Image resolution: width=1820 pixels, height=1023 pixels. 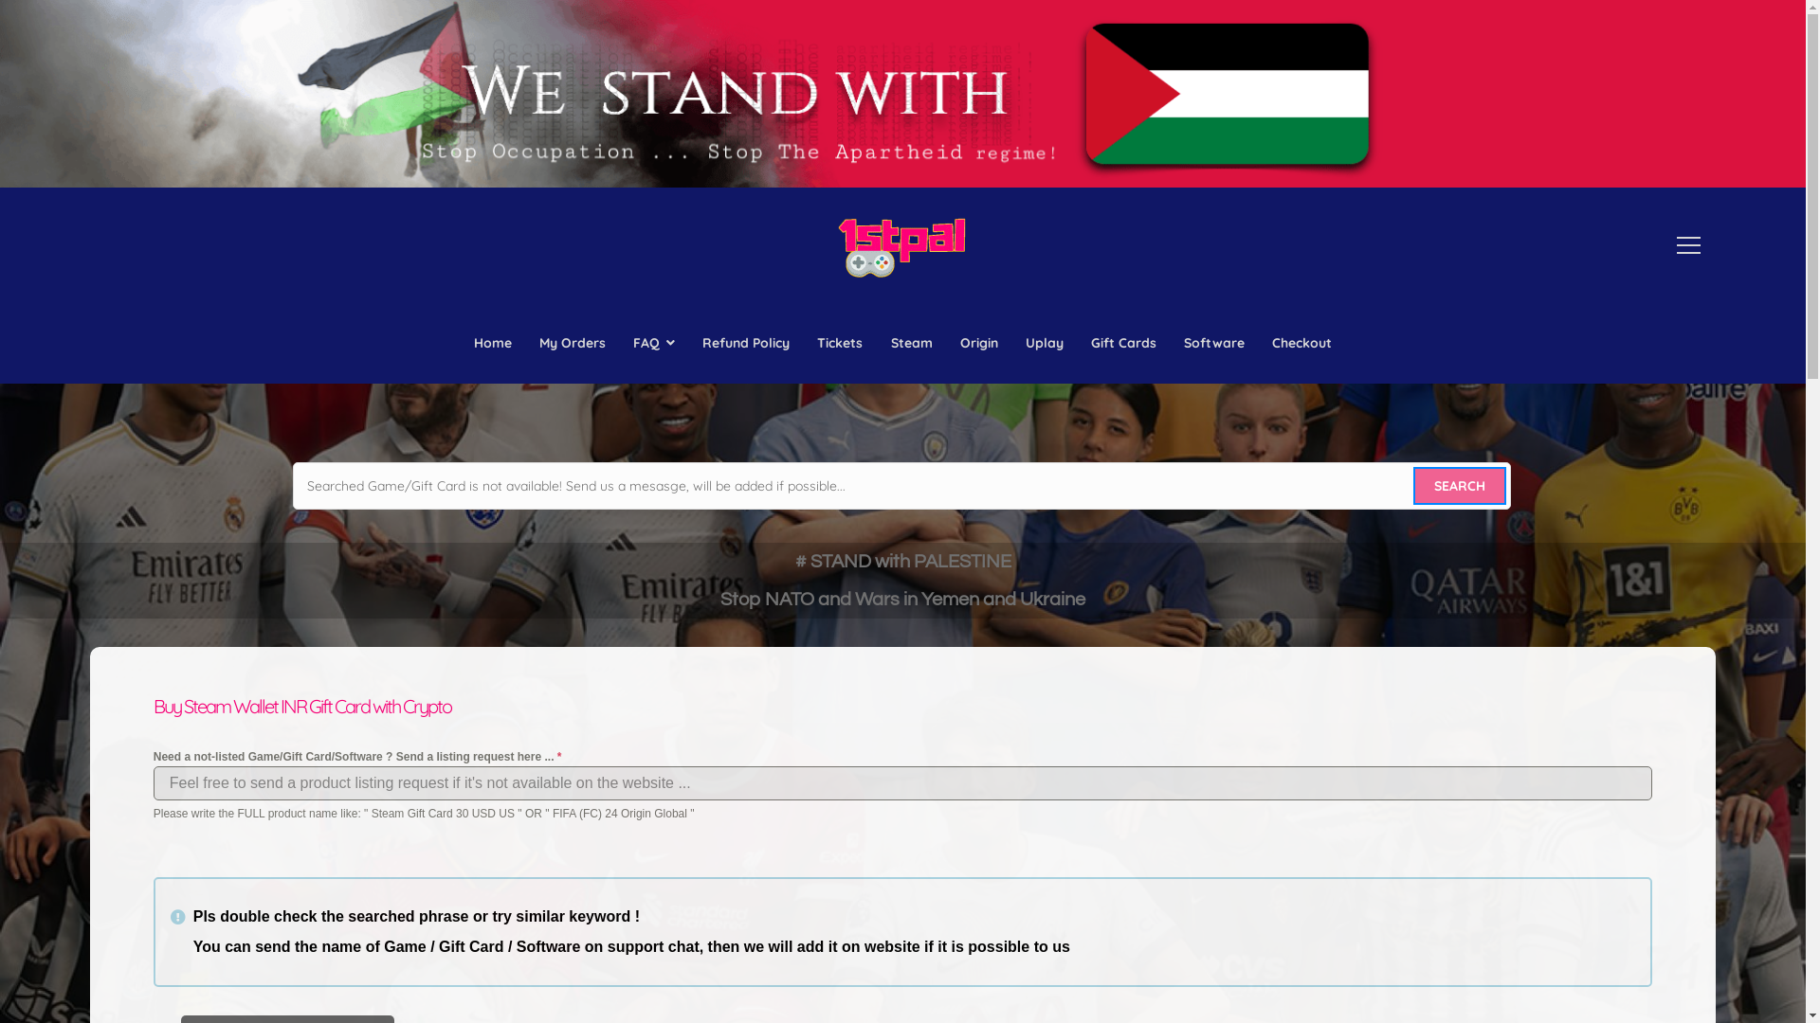 What do you see at coordinates (1123, 343) in the screenshot?
I see `'Gift Cards'` at bounding box center [1123, 343].